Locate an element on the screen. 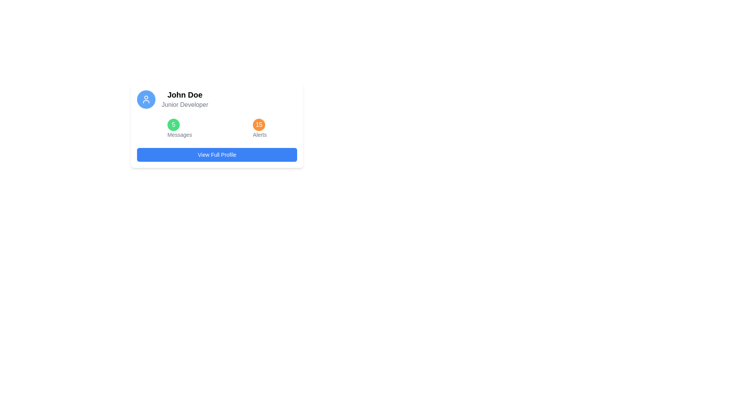 This screenshot has width=739, height=415. the circular user profile icon with a bright blue background and white user silhouette, located at the top-left corner next to 'John Doe' and 'Junior Developer' is located at coordinates (146, 99).